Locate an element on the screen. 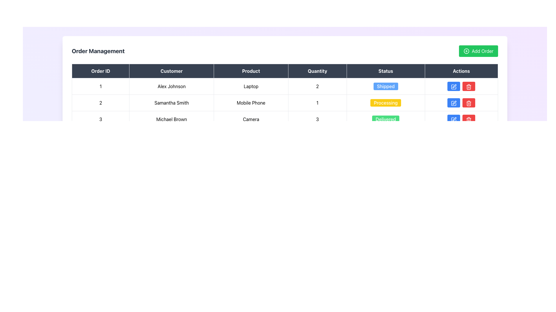 This screenshot has height=312, width=556. the SVG circle element that represents the icon of the 'Add Order' button in the top-right corner is located at coordinates (467, 51).